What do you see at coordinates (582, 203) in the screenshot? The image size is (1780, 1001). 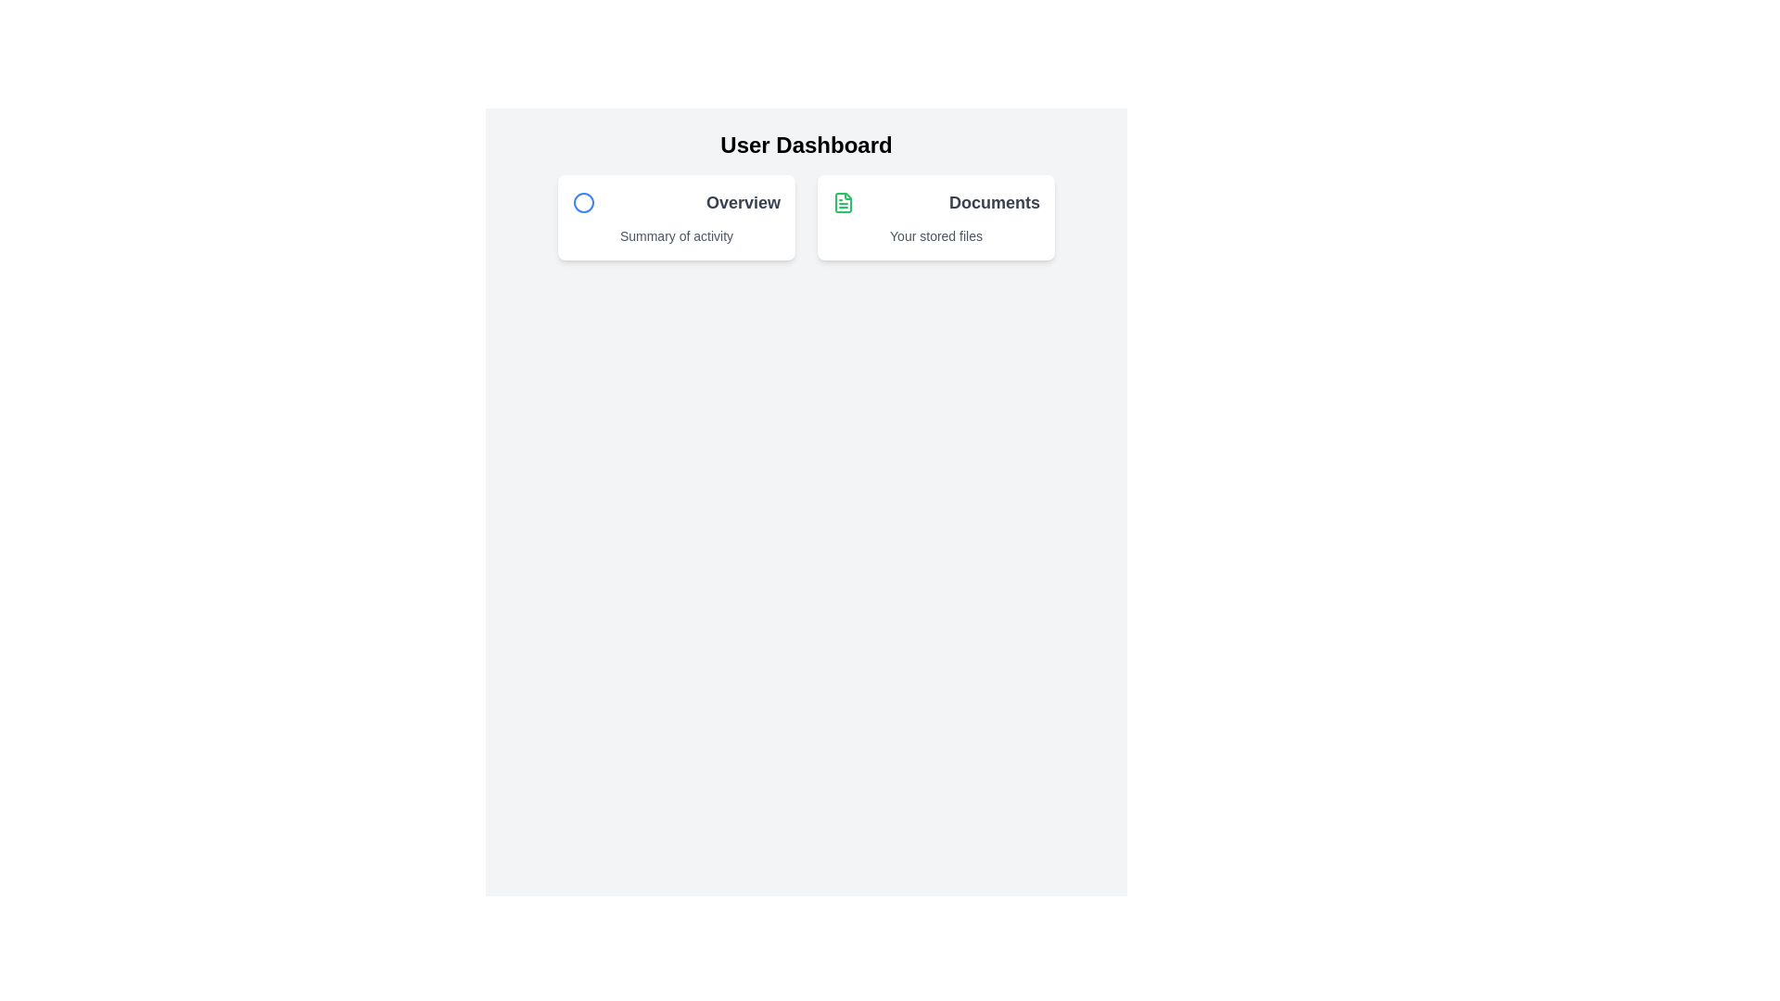 I see `the circular icon representing the 'Overview' section, located to the left of the 'Overview' text label` at bounding box center [582, 203].